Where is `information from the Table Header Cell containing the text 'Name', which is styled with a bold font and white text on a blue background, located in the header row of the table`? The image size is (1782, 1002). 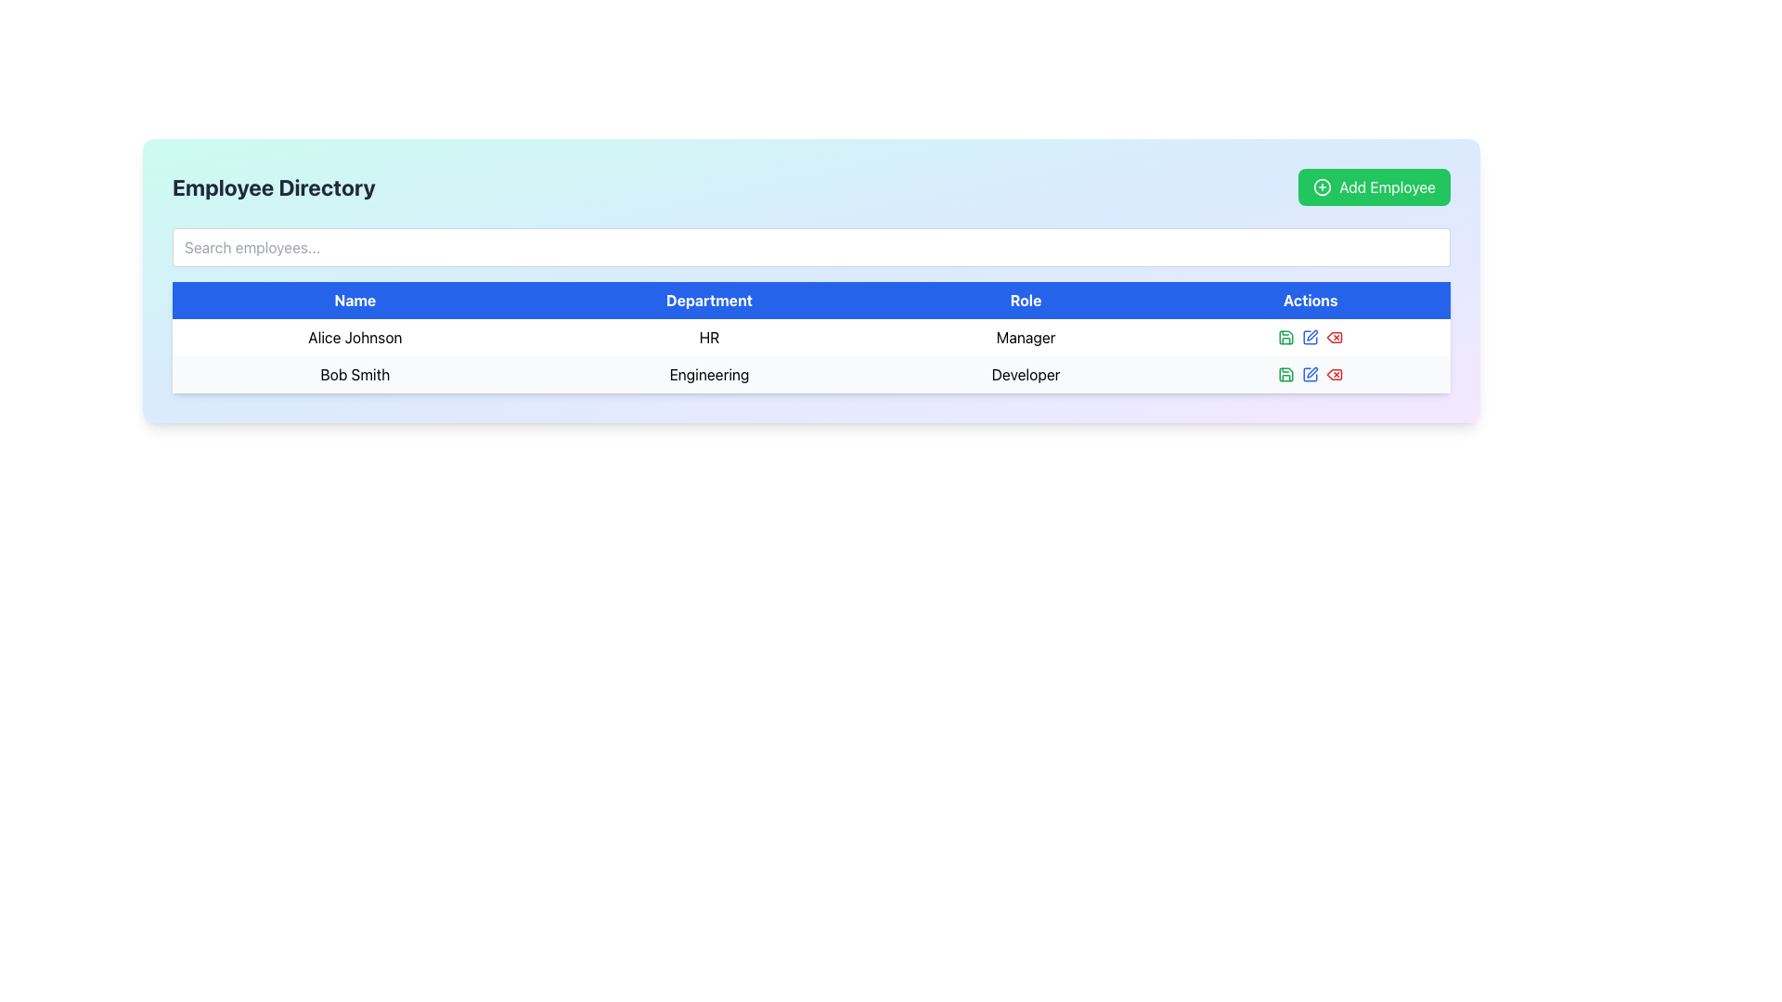
information from the Table Header Cell containing the text 'Name', which is styled with a bold font and white text on a blue background, located in the header row of the table is located at coordinates (355, 300).